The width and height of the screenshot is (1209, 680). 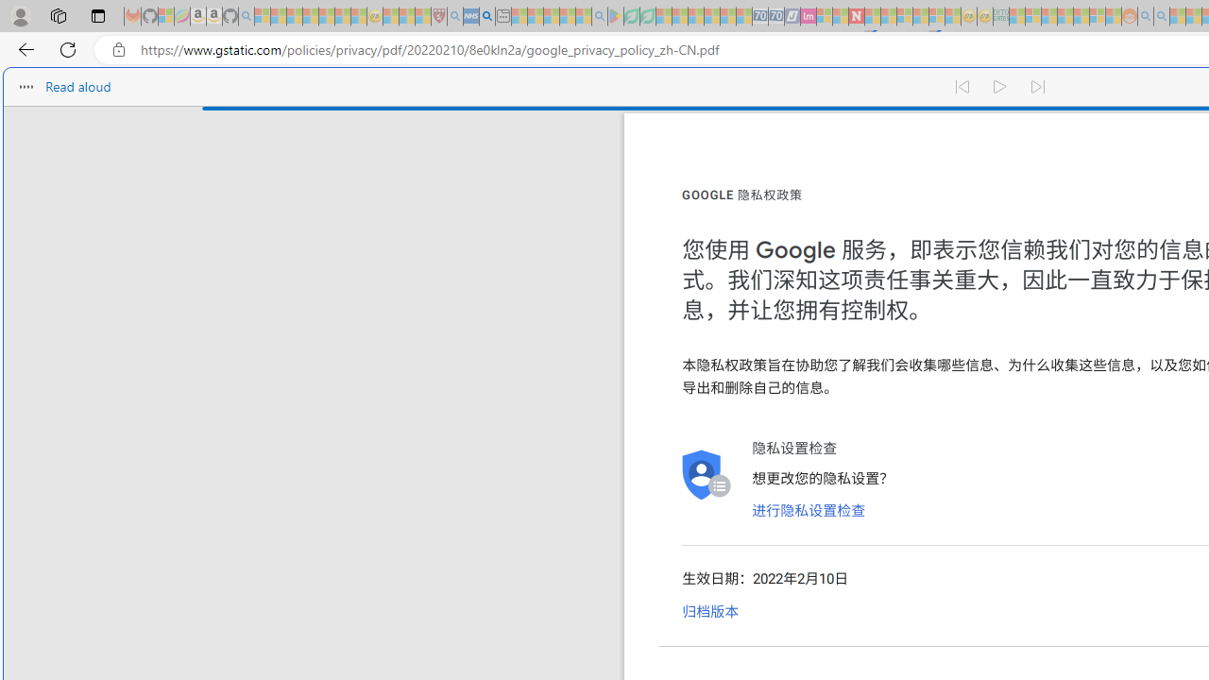 I want to click on 'Jobs - lastminute.com Investor Portal - Sleeping', so click(x=808, y=16).